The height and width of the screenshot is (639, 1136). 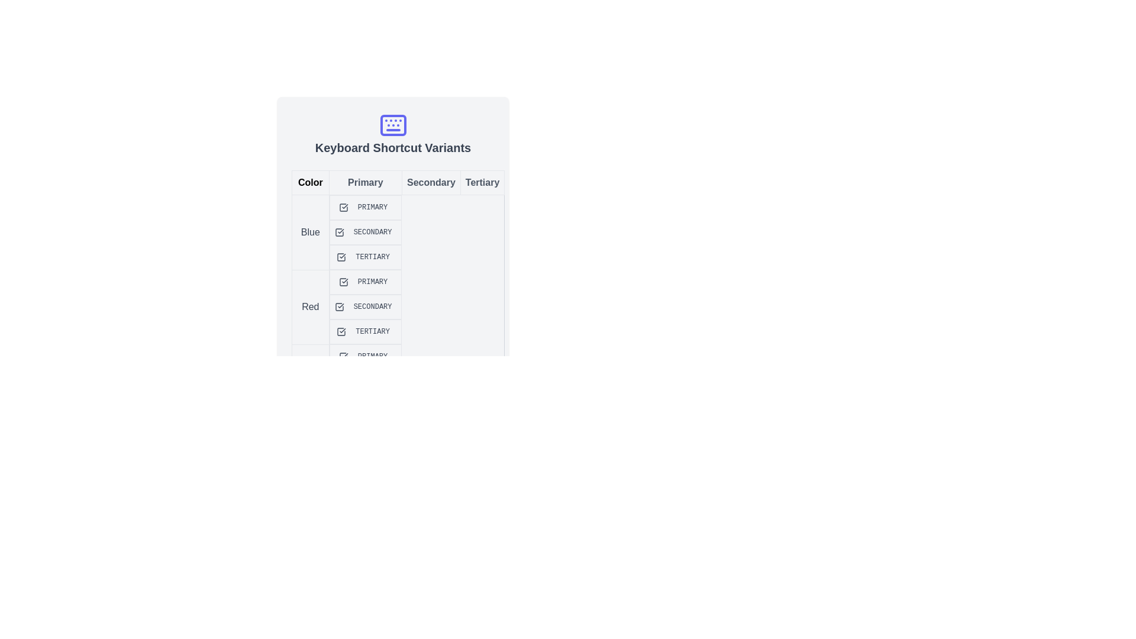 What do you see at coordinates (343, 207) in the screenshot?
I see `the checkbox indicating the 'Primary' option in the 'Blue' row` at bounding box center [343, 207].